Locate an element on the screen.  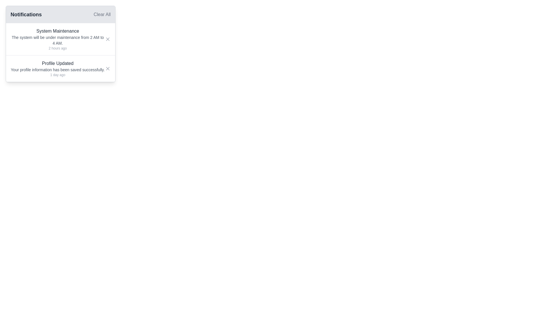
information displayed in the upper notification card that contains the title, details, and timestamp of the ongoing or planned system maintenance activity is located at coordinates (57, 39).